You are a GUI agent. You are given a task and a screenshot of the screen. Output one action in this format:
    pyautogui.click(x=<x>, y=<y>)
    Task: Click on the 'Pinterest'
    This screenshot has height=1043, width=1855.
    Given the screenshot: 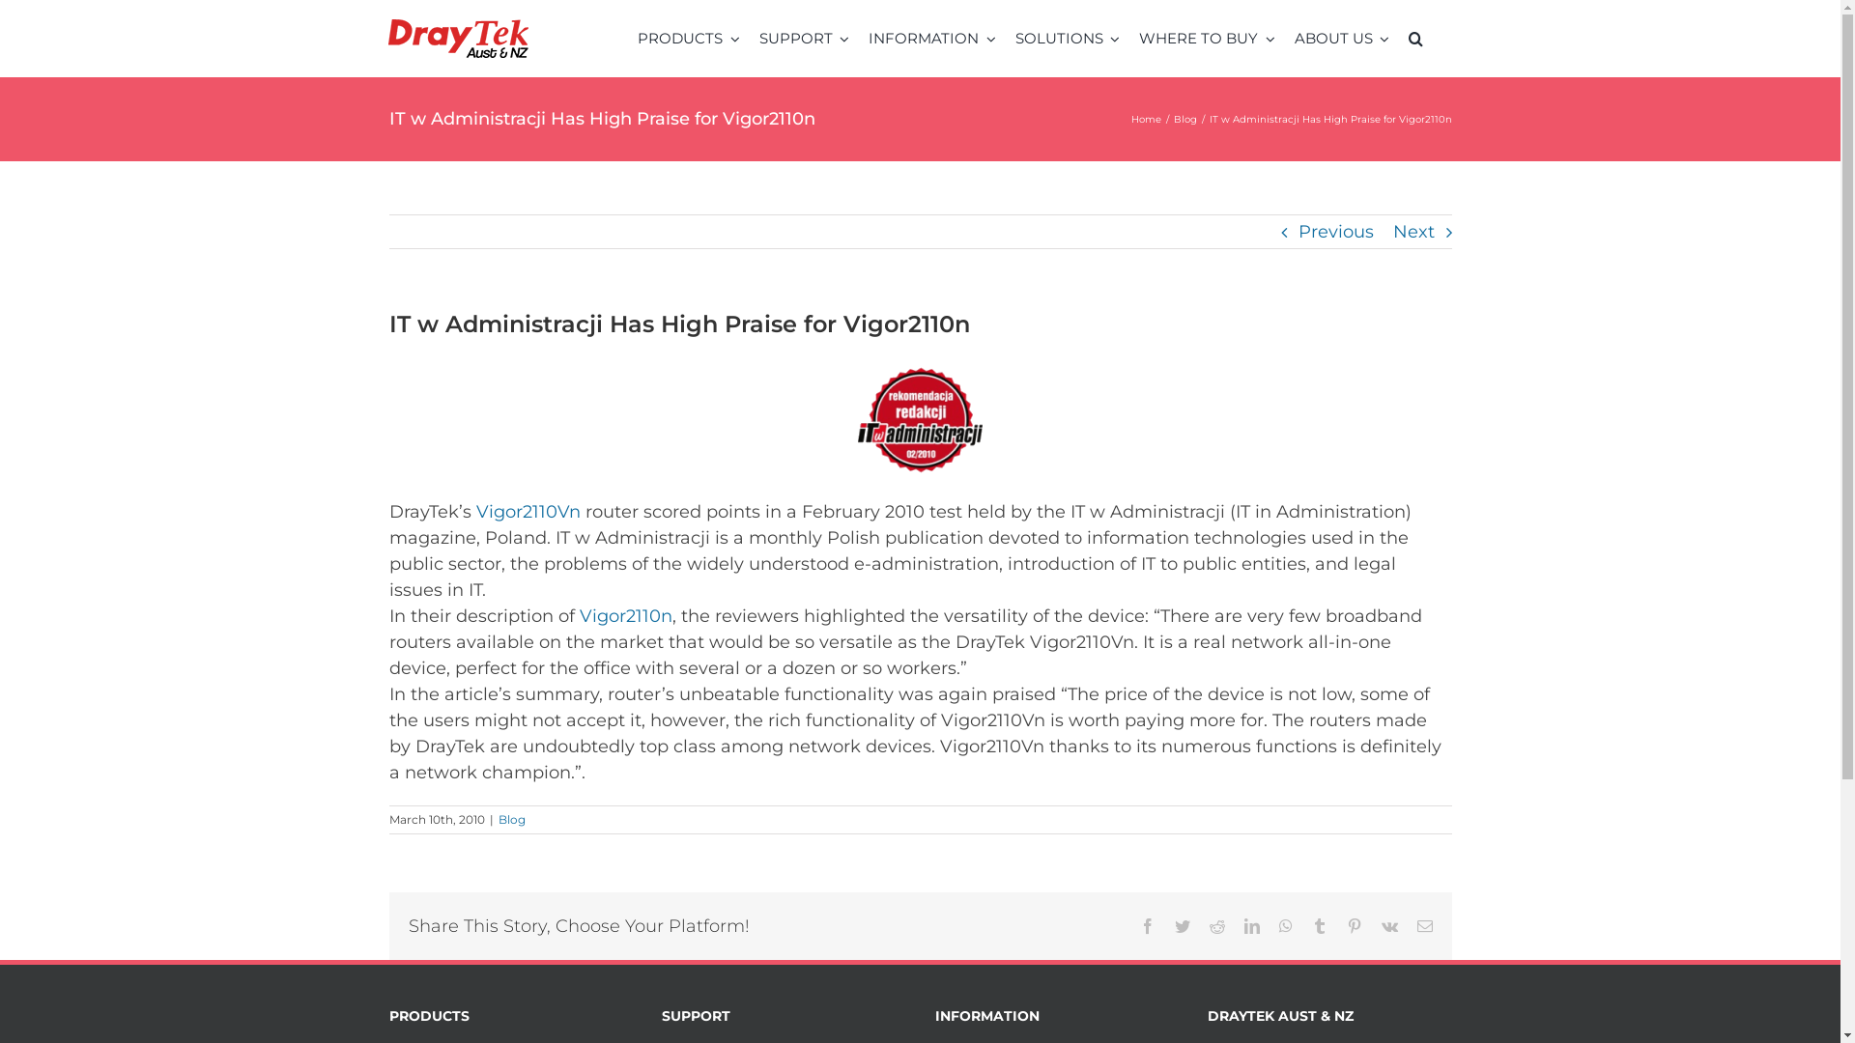 What is the action you would take?
    pyautogui.click(x=1353, y=925)
    